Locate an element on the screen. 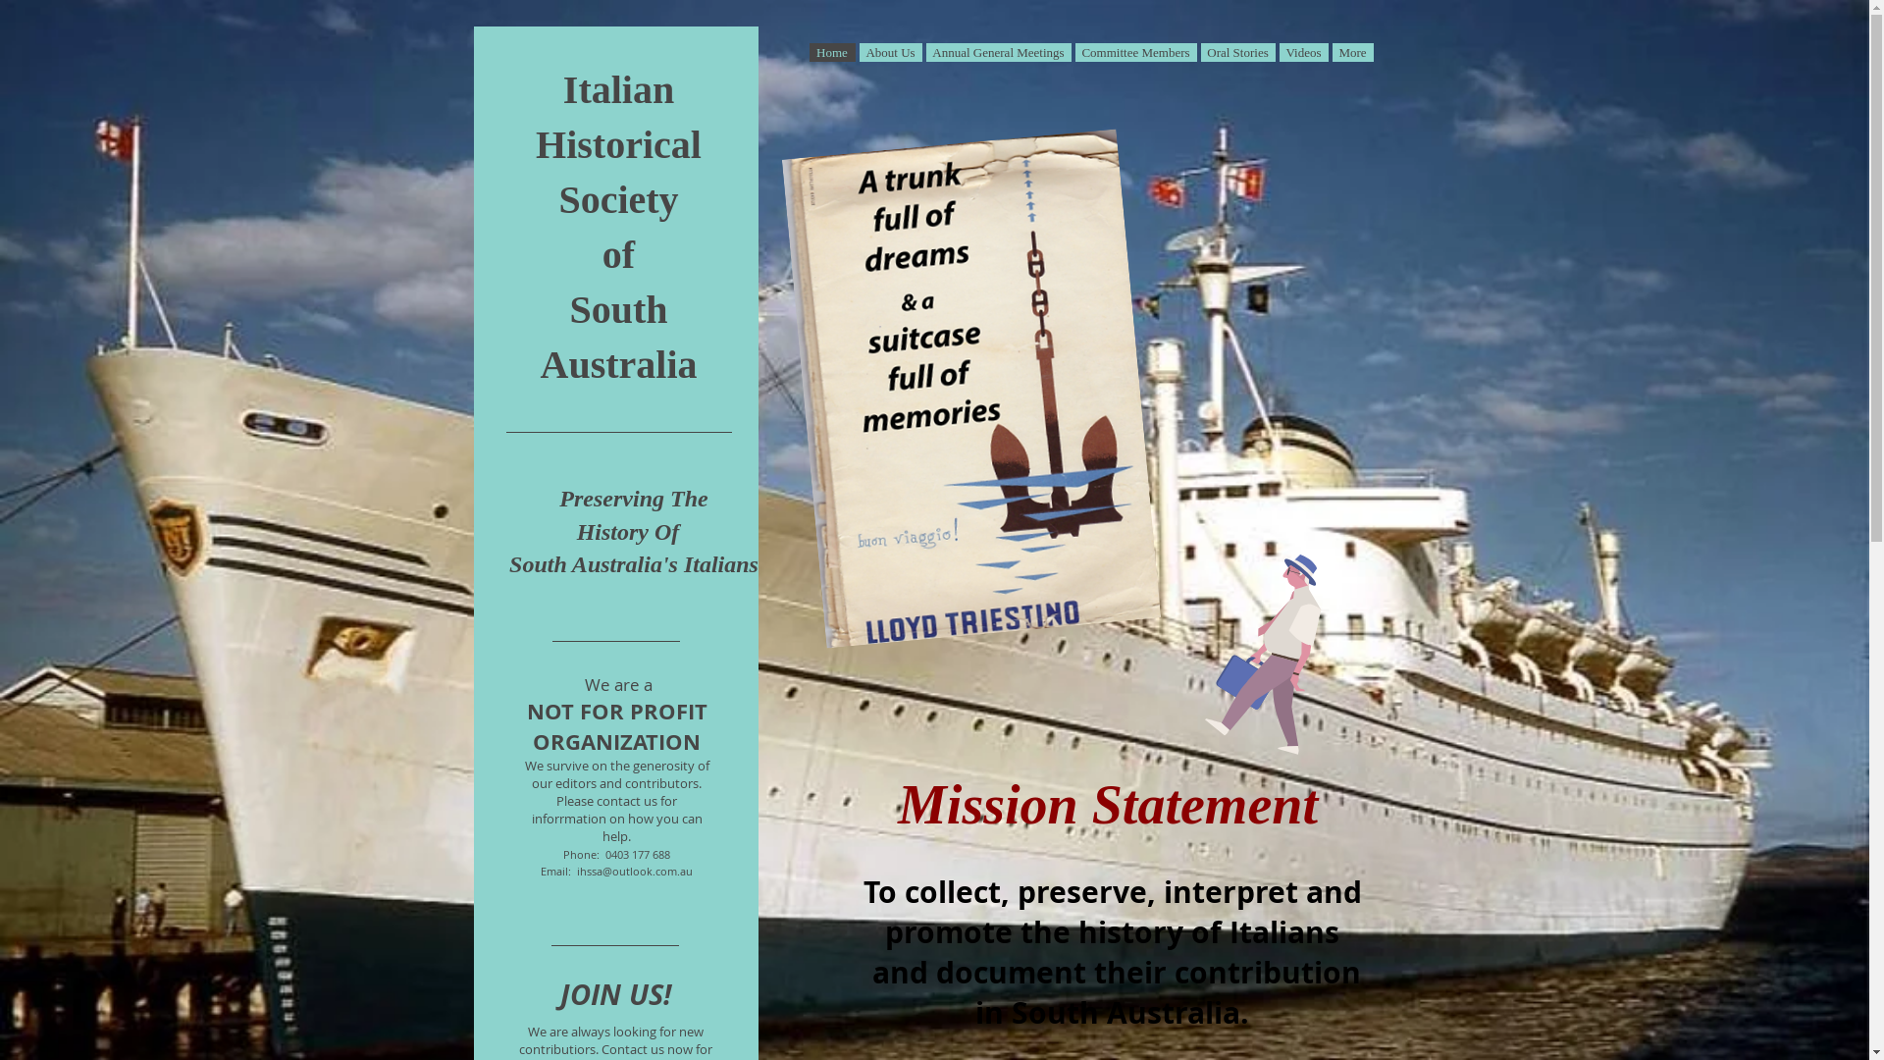 Image resolution: width=1884 pixels, height=1060 pixels. 'Oral Stories' is located at coordinates (1200, 51).